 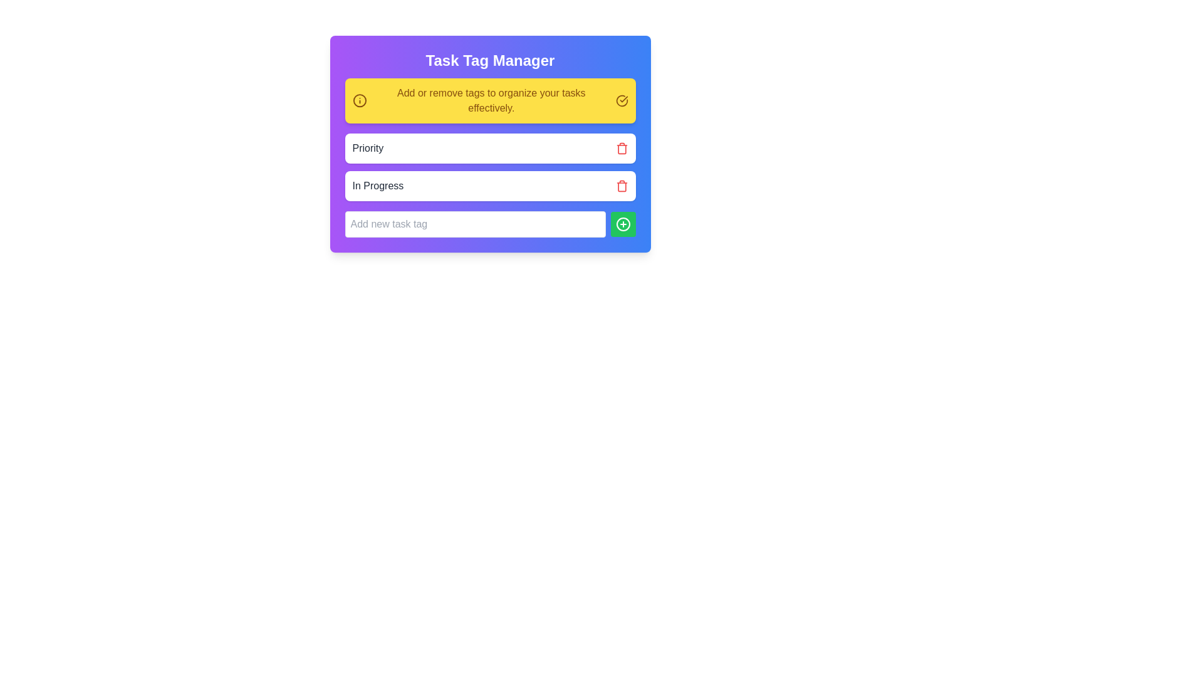 I want to click on the inner circular part of the SVG graphic that is part of the 'info' icon, located at the top-left corner of a yellow rectangular area in the 'Task Tag Manager' panel, so click(x=359, y=100).